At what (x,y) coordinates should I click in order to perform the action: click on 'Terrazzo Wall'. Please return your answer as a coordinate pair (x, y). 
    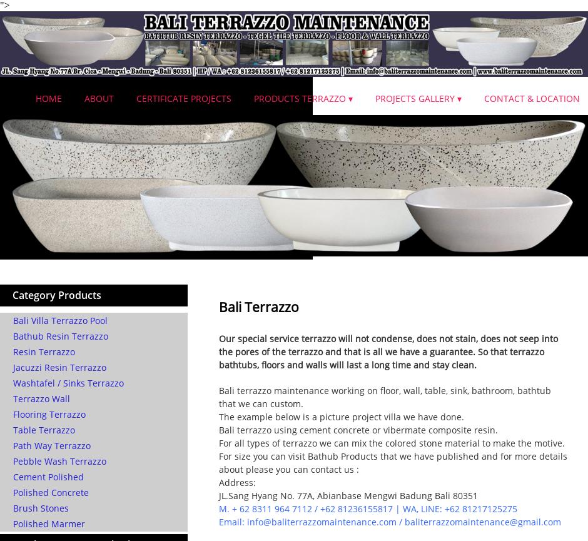
    Looking at the image, I should click on (41, 398).